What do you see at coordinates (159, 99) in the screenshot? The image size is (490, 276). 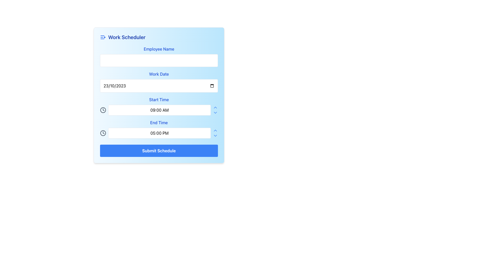 I see `the descriptive label indicating the purpose of the associated input element for specifying the start time, located above the time input text box for '09:00 AM'` at bounding box center [159, 99].